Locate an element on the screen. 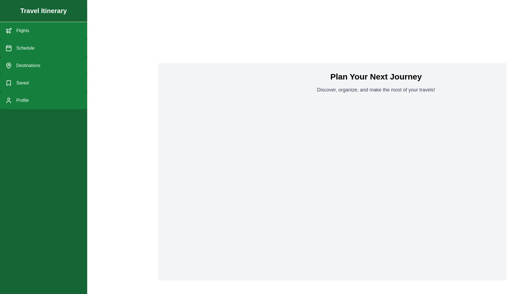 This screenshot has width=523, height=294. the 'Saved' icon in the sidebar menu of the 'Travel Itinerary' application is located at coordinates (9, 83).